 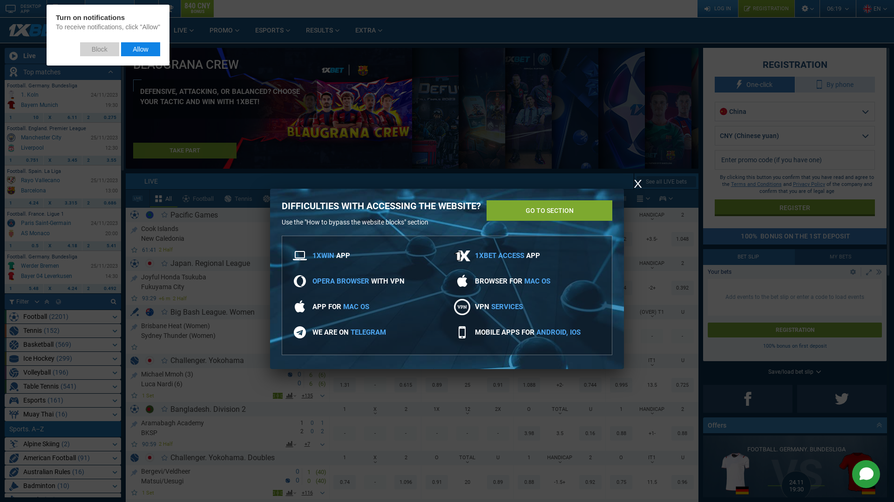 I want to click on 'Volleyball, so click(x=62, y=372).